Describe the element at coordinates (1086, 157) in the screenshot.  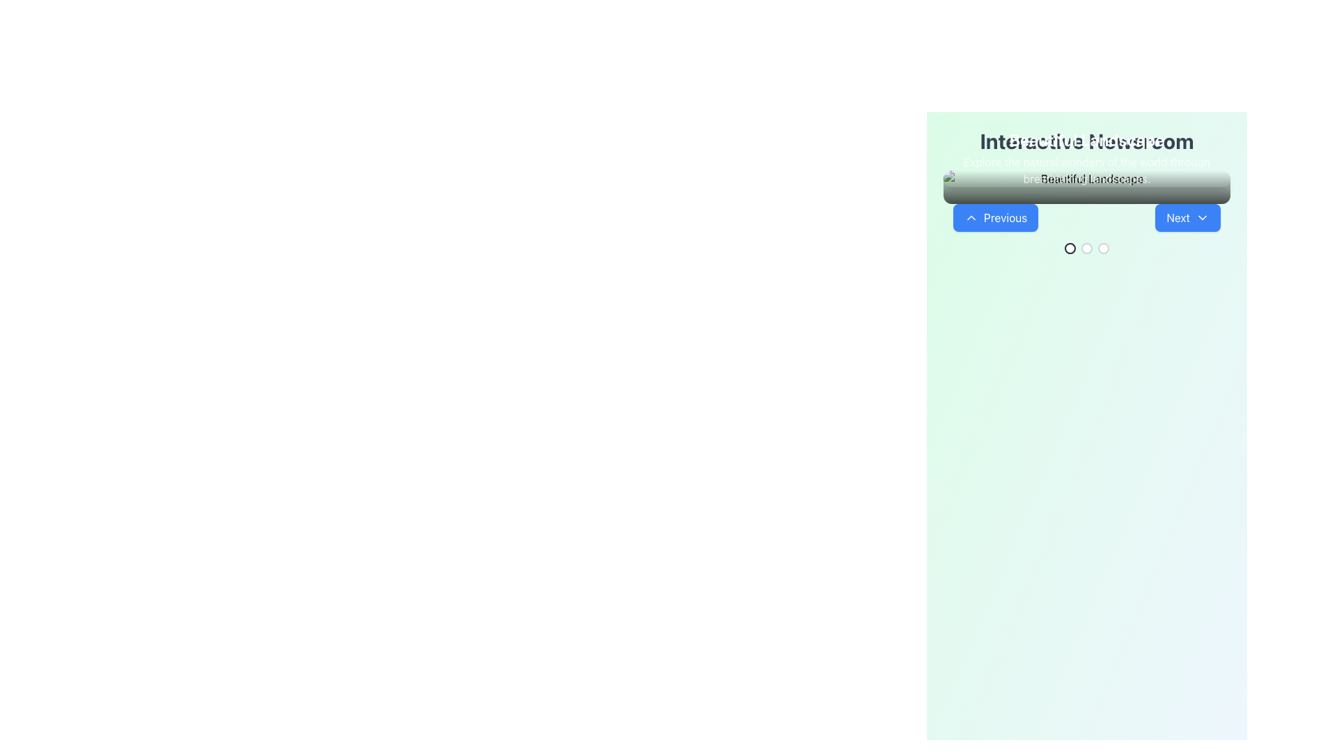
I see `the textual group containing the title 'Beautiful Landscape' and the description 'Explore the natural wonders of the world through breathtaking landscapes.'` at that location.